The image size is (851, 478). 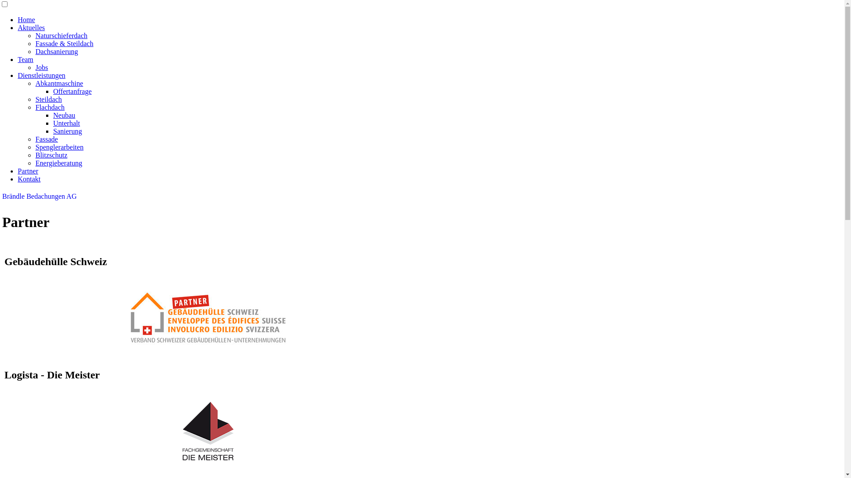 What do you see at coordinates (59, 146) in the screenshot?
I see `'Spenglerarbeiten'` at bounding box center [59, 146].